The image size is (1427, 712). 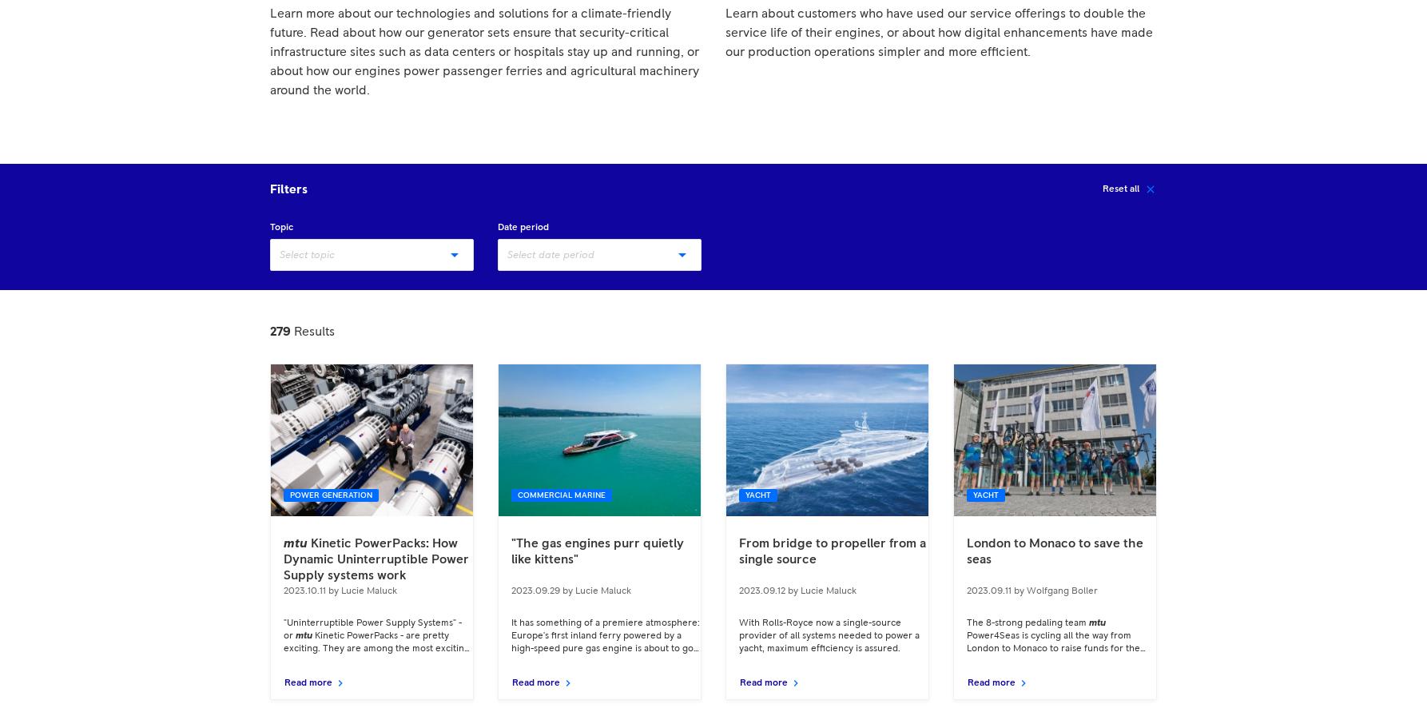 I want to click on '279', so click(x=280, y=332).